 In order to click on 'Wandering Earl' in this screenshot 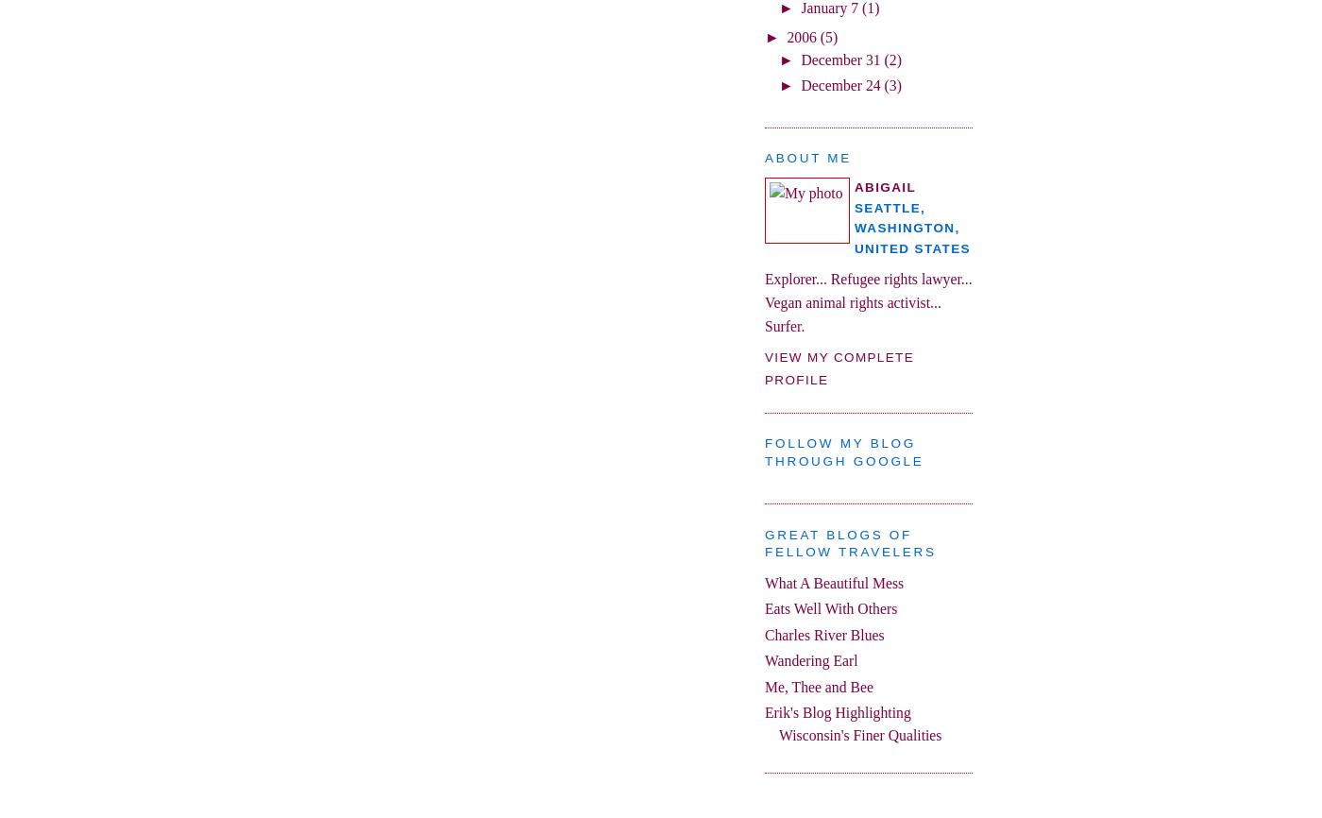, I will do `click(811, 659)`.